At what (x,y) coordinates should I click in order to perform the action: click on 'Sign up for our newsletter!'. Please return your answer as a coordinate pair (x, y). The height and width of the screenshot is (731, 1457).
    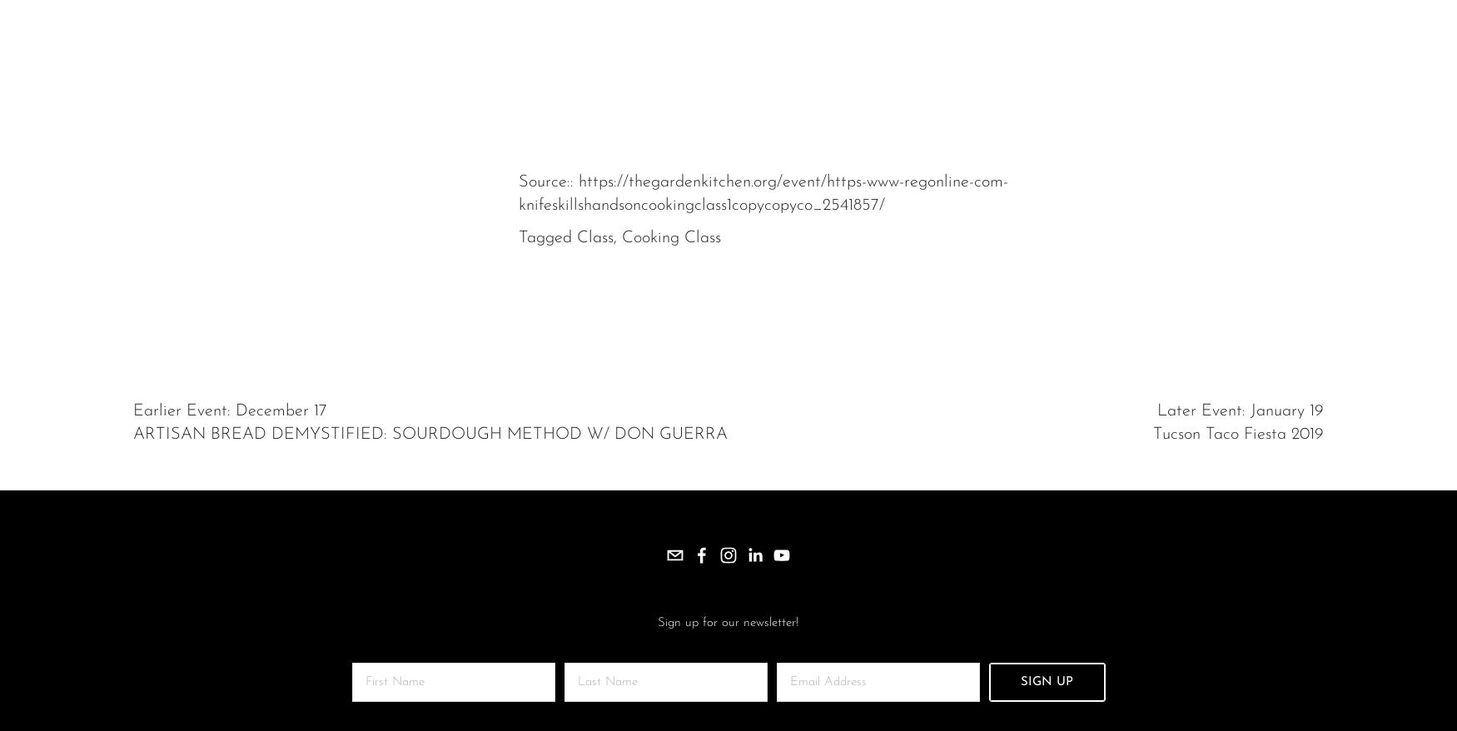
    Looking at the image, I should click on (728, 623).